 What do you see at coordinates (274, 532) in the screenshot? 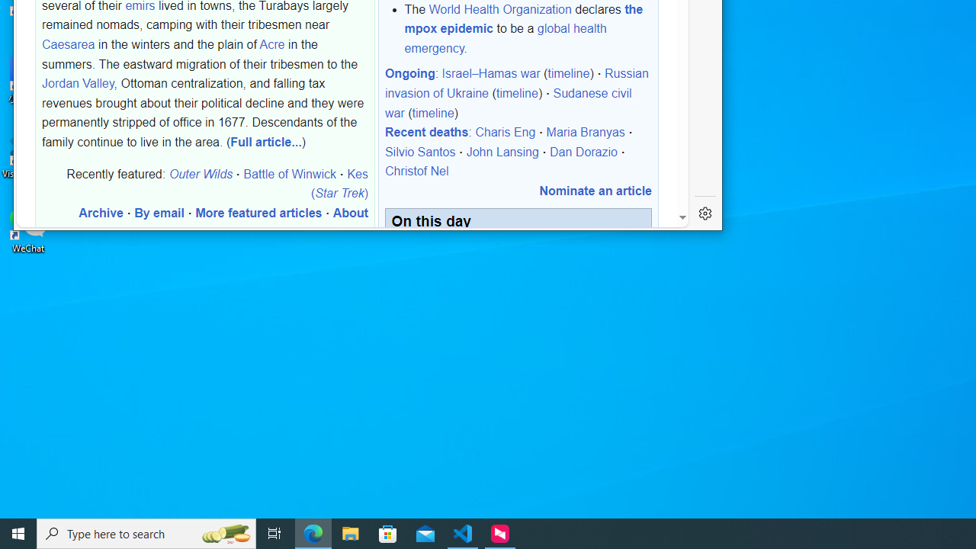
I see `'Task View'` at bounding box center [274, 532].